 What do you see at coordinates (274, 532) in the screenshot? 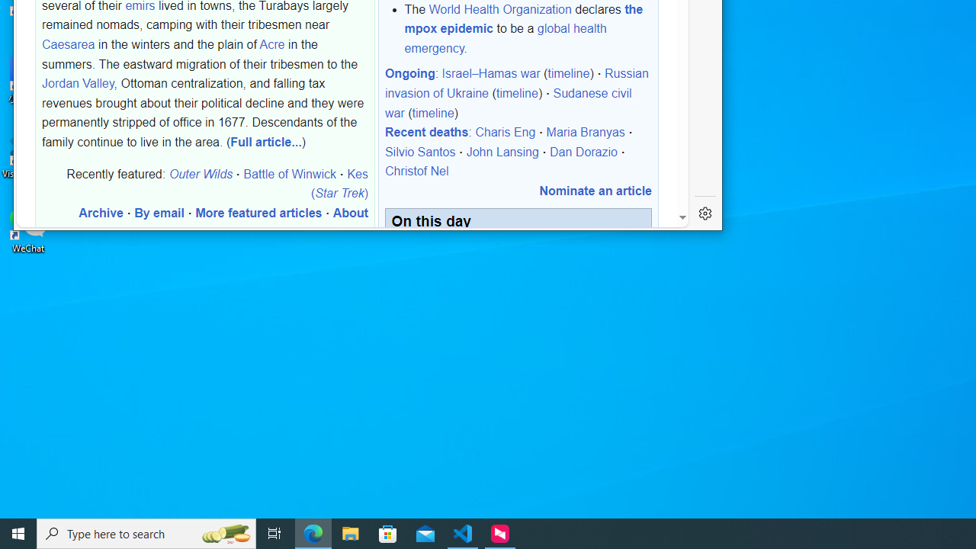
I see `'Task View'` at bounding box center [274, 532].